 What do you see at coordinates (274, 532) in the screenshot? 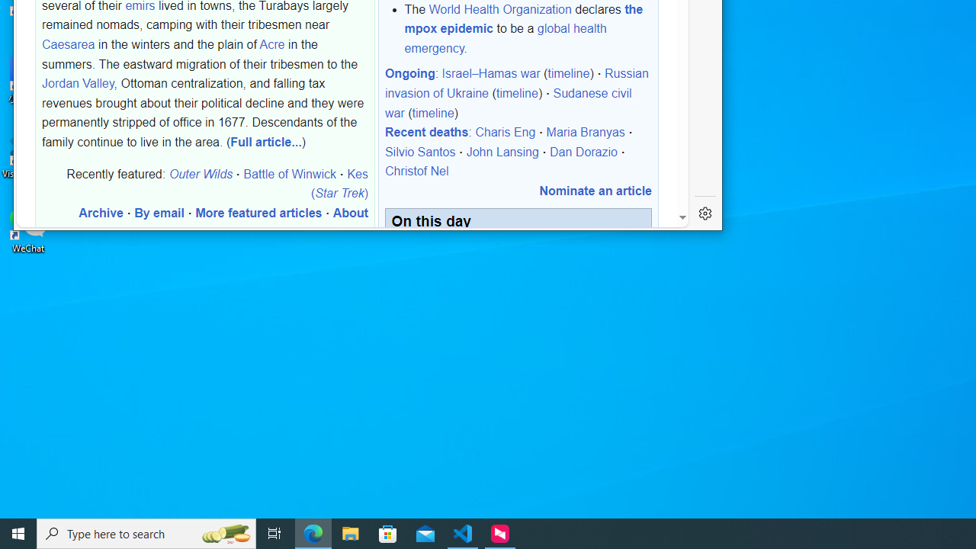
I see `'Task View'` at bounding box center [274, 532].